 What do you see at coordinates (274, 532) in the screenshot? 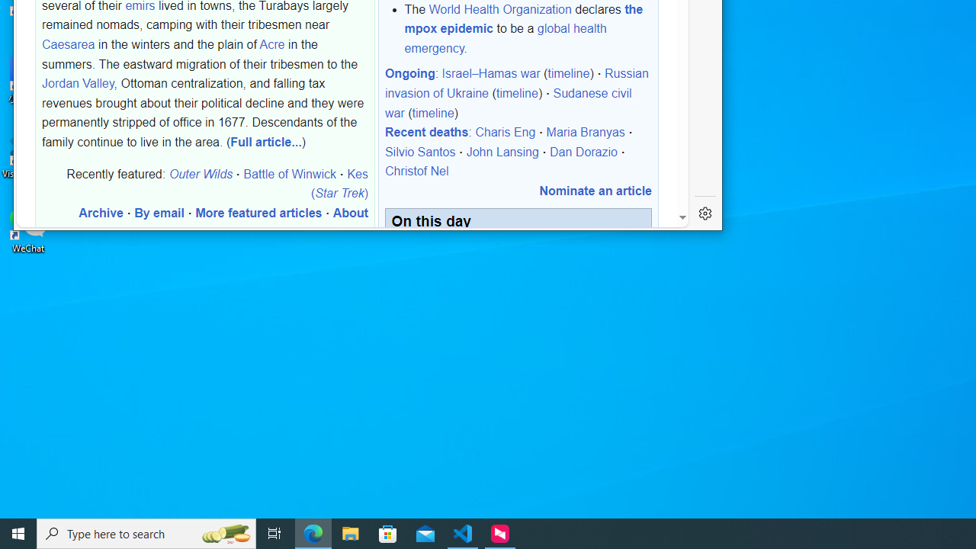
I see `'Task View'` at bounding box center [274, 532].